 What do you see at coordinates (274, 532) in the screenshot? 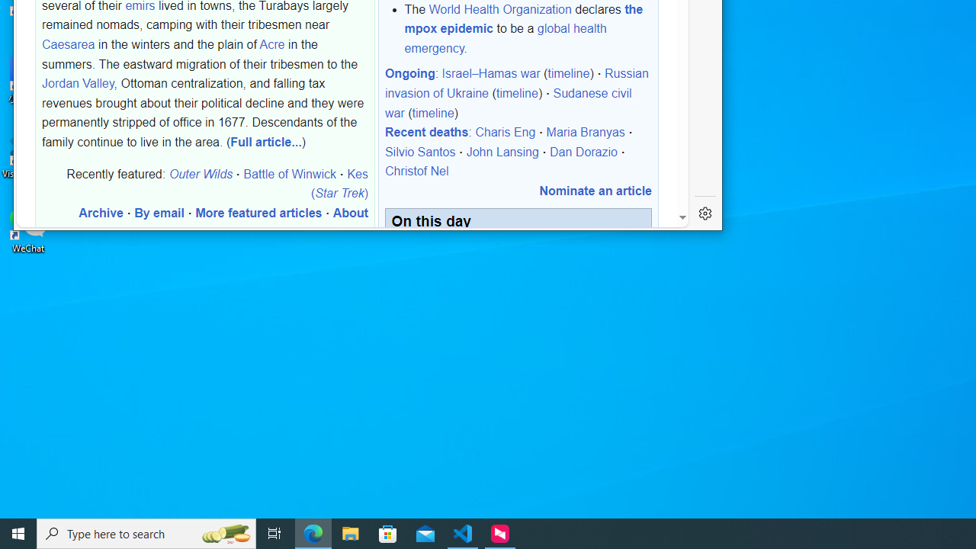
I see `'Task View'` at bounding box center [274, 532].